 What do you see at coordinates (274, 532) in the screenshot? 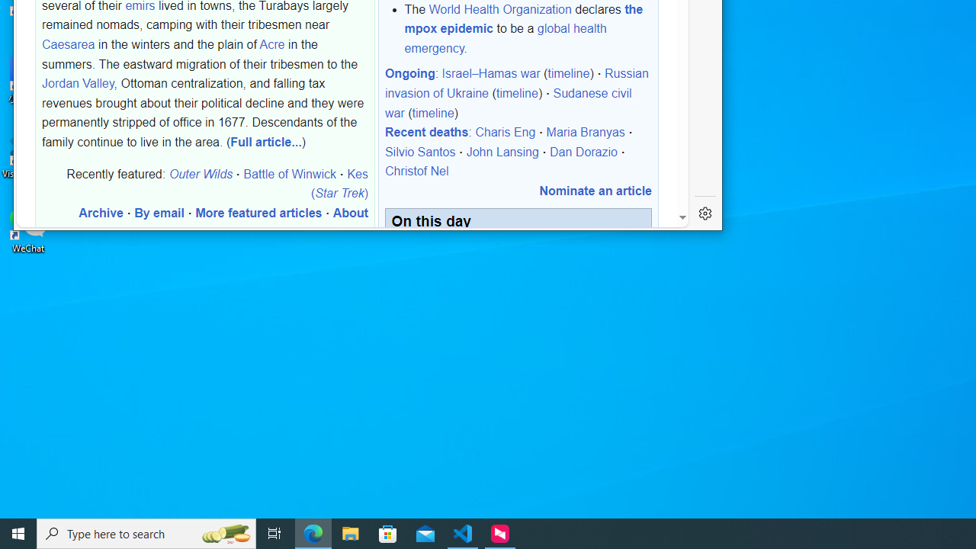
I see `'Task View'` at bounding box center [274, 532].